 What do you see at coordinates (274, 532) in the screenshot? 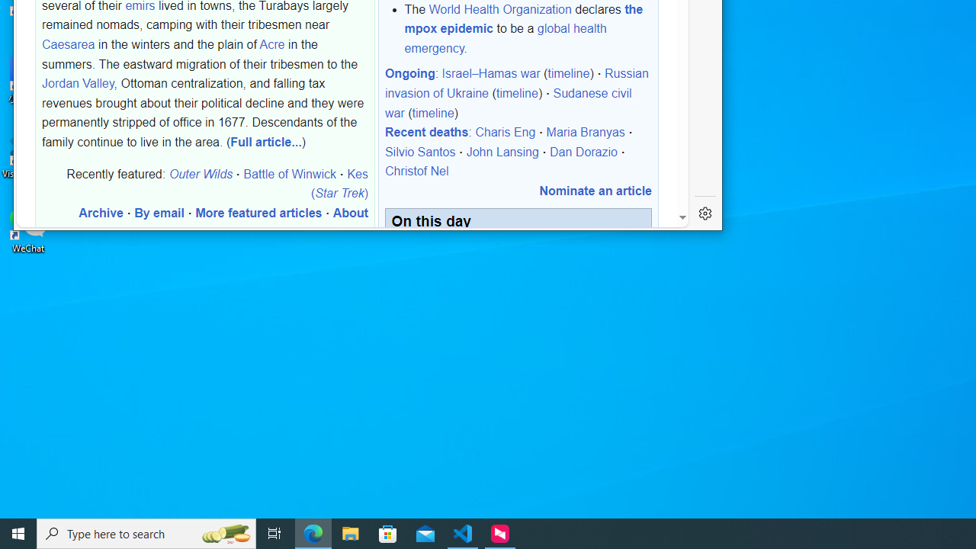
I see `'Task View'` at bounding box center [274, 532].